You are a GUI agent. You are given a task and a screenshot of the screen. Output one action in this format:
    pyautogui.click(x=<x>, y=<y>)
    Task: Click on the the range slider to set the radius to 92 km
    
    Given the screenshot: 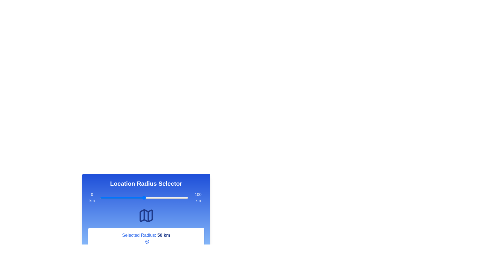 What is the action you would take?
    pyautogui.click(x=181, y=197)
    